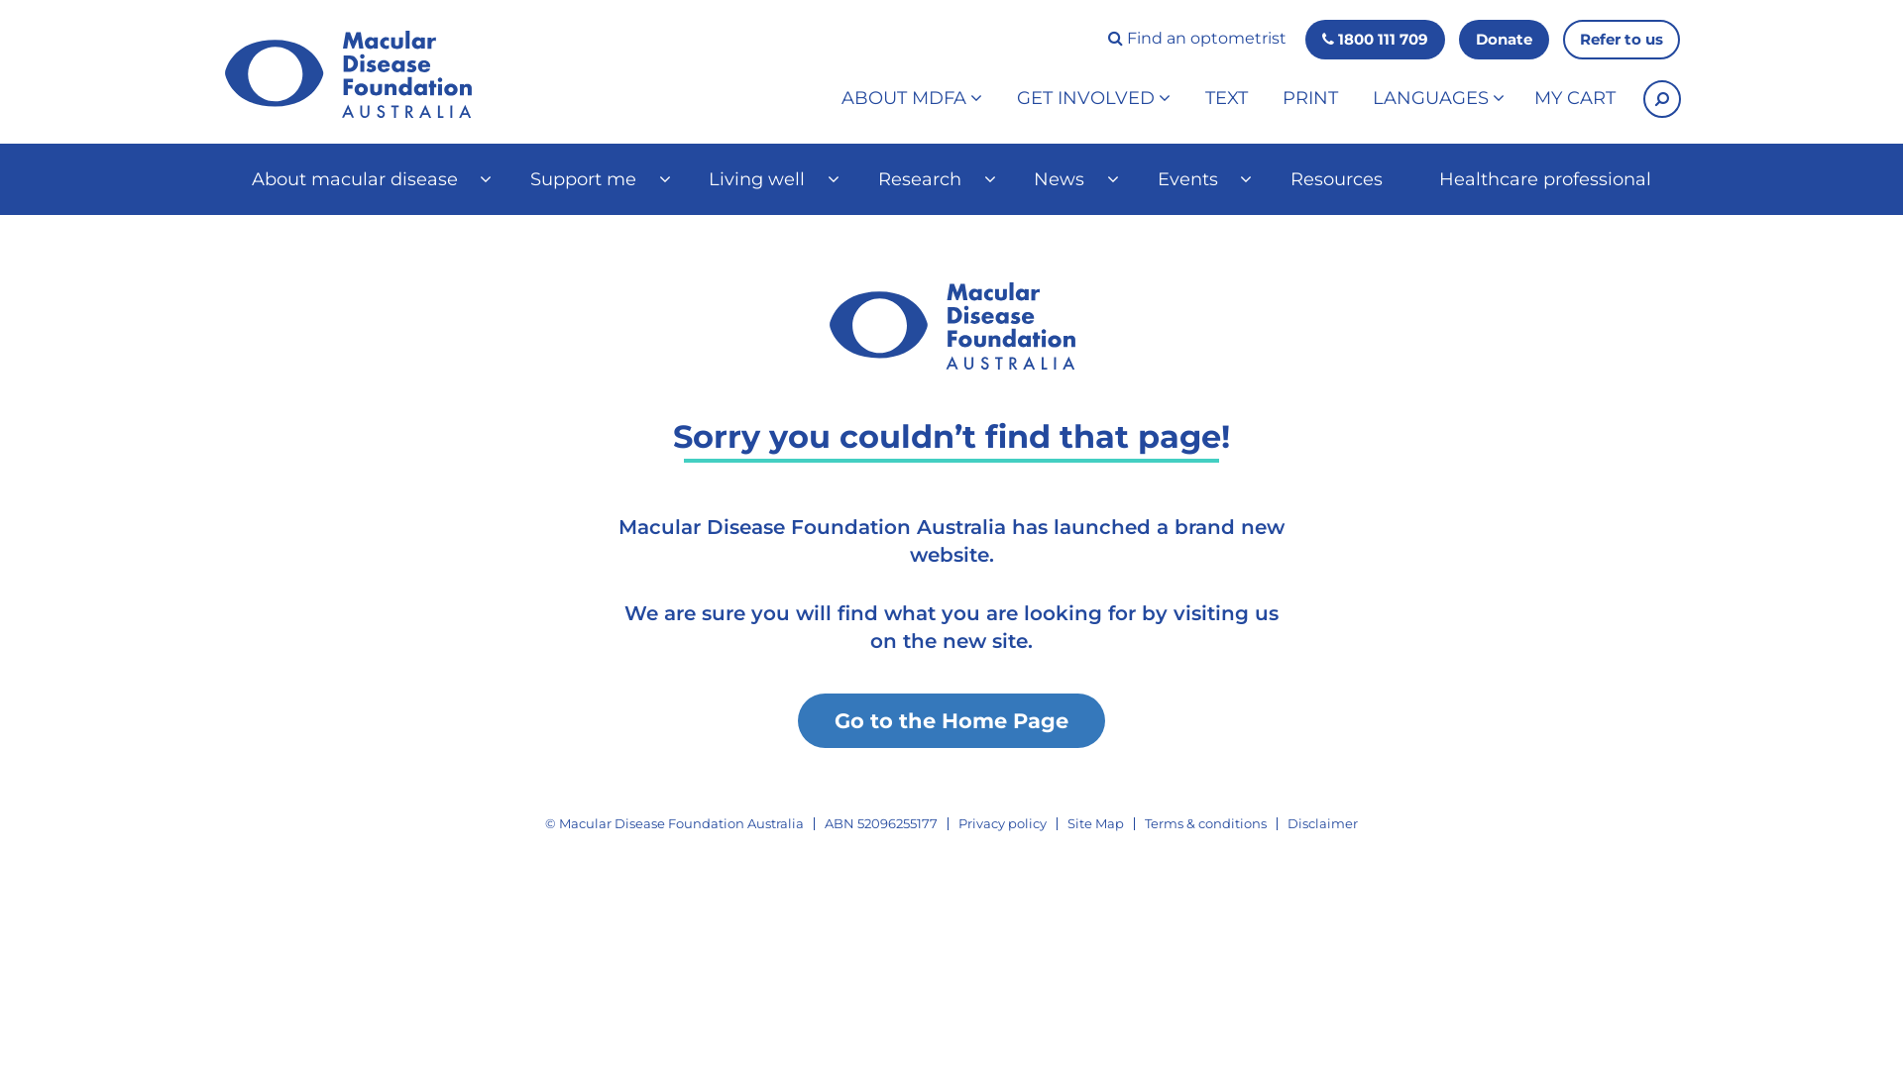 The image size is (1903, 1070). Describe the element at coordinates (1002, 99) in the screenshot. I see `'GET INVOLVED'` at that location.